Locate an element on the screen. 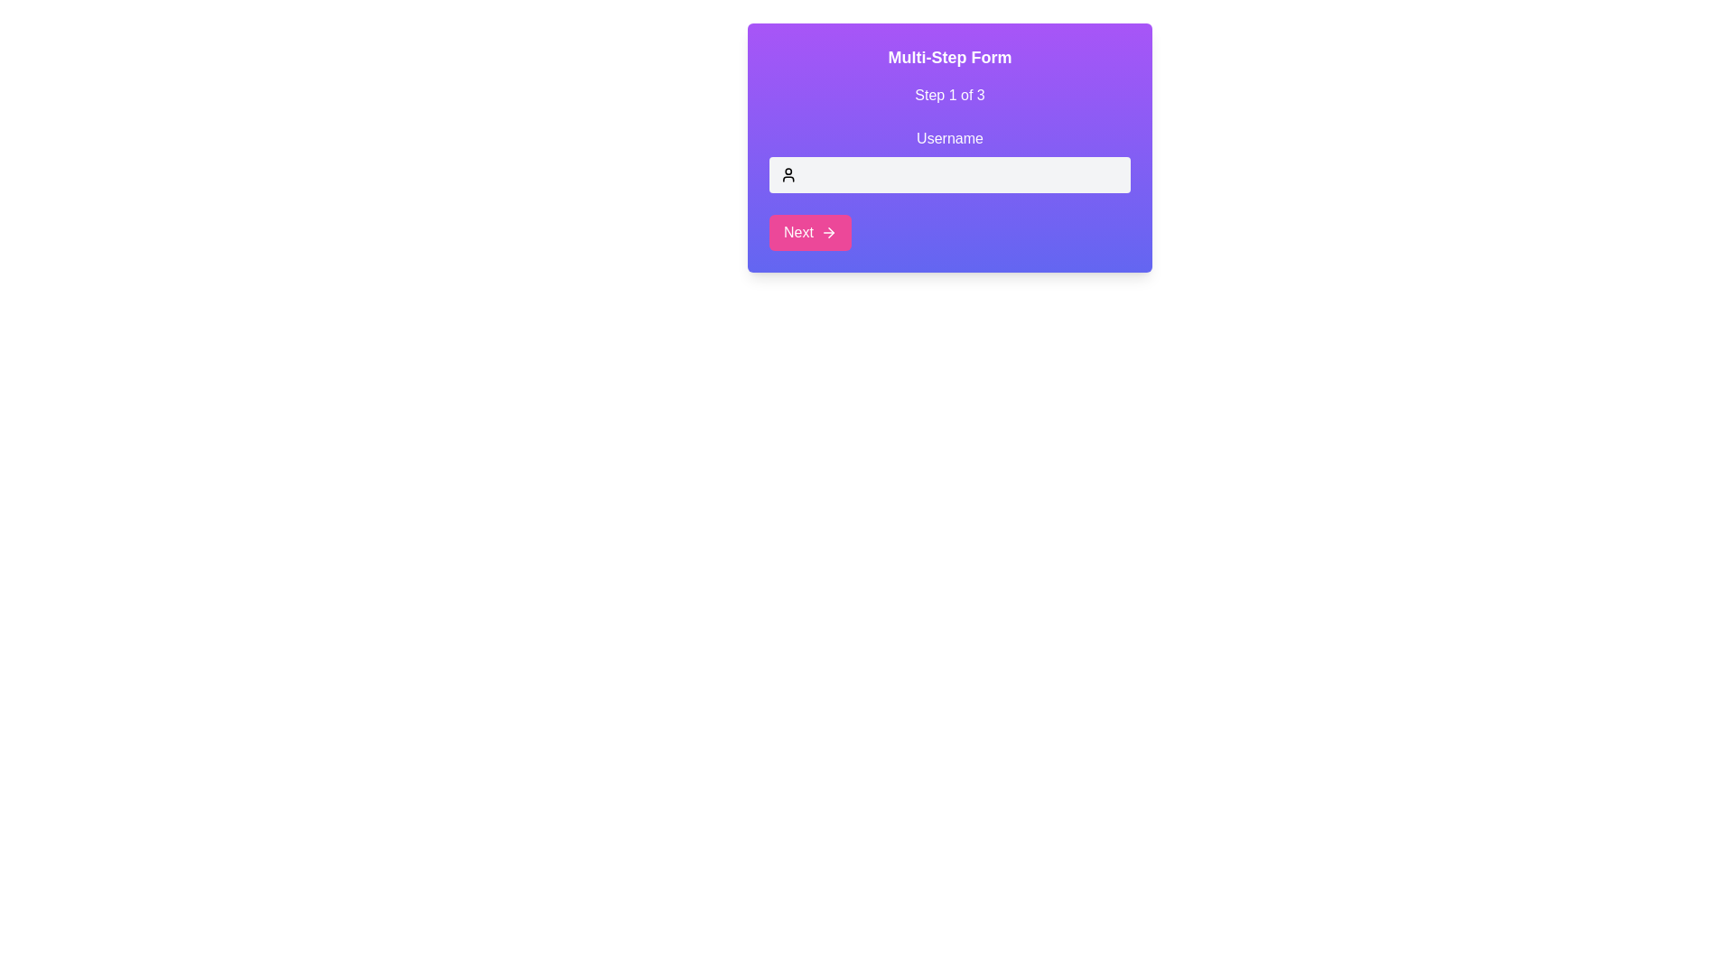  the username input field in the Multi-Step Form, located below 'Step 1 of 3' and labeled 'Username' is located at coordinates (961, 174).